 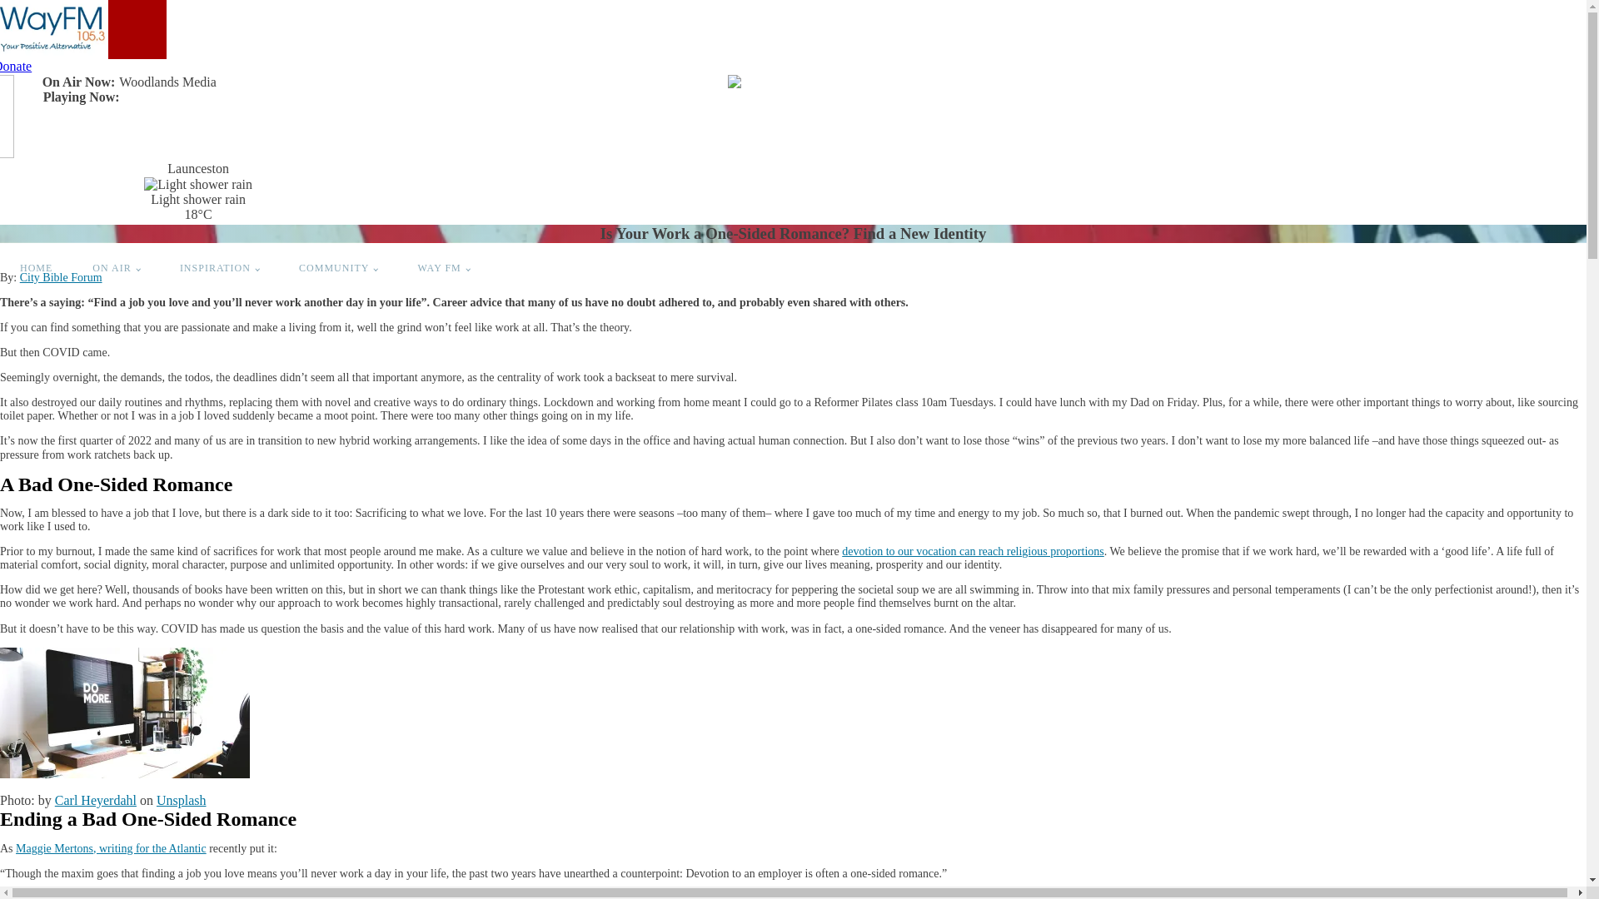 I want to click on 'Carl Heyerdahl', so click(x=95, y=799).